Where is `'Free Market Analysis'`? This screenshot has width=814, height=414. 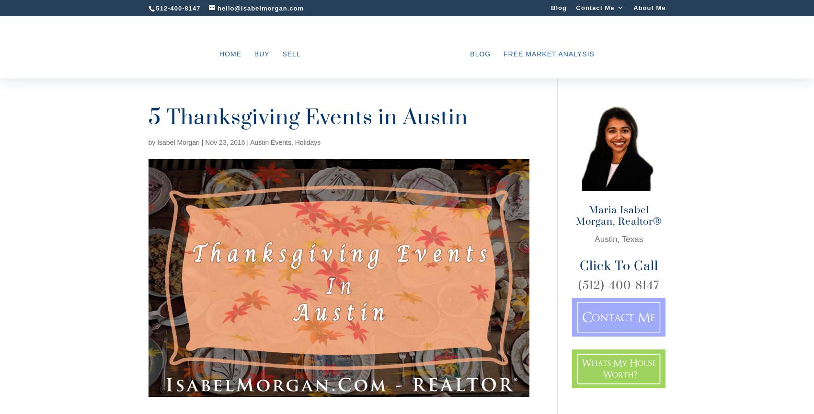
'Free Market Analysis' is located at coordinates (503, 53).